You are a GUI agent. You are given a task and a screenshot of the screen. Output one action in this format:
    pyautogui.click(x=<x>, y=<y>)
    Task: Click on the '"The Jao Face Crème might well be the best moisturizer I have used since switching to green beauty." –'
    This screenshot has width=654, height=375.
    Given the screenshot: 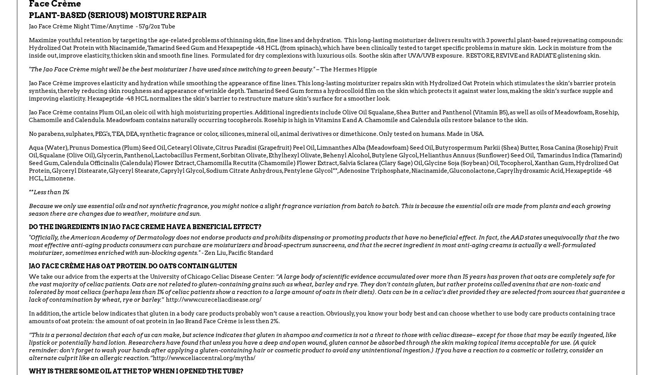 What is the action you would take?
    pyautogui.click(x=174, y=69)
    